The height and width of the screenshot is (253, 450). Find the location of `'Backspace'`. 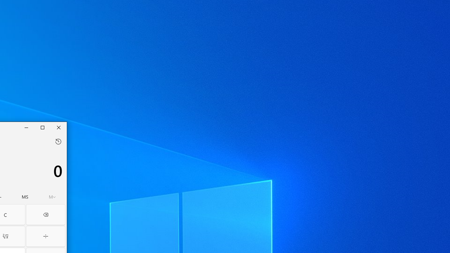

'Backspace' is located at coordinates (45, 214).